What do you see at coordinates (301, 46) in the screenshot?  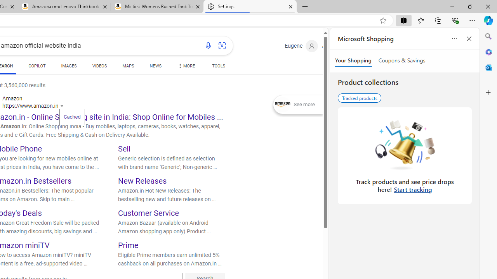 I see `'Eugene'` at bounding box center [301, 46].